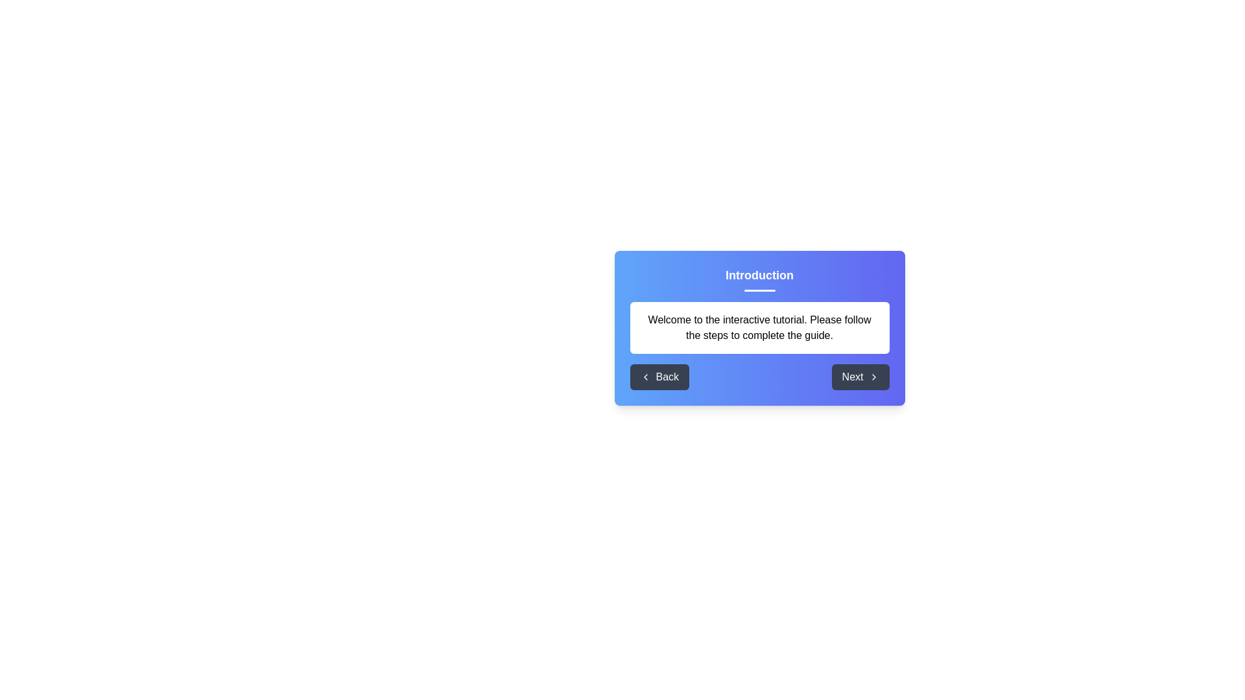 The width and height of the screenshot is (1245, 700). What do you see at coordinates (759, 274) in the screenshot?
I see `text content of the header element located at the top-center of the dialog box, which serves as the introductory title above a horizontal line` at bounding box center [759, 274].